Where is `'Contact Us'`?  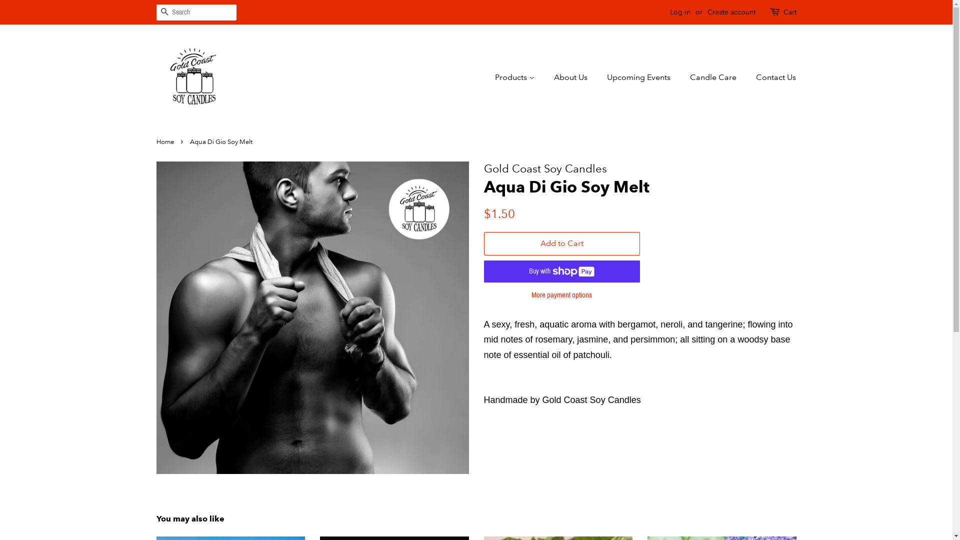 'Contact Us' is located at coordinates (748, 76).